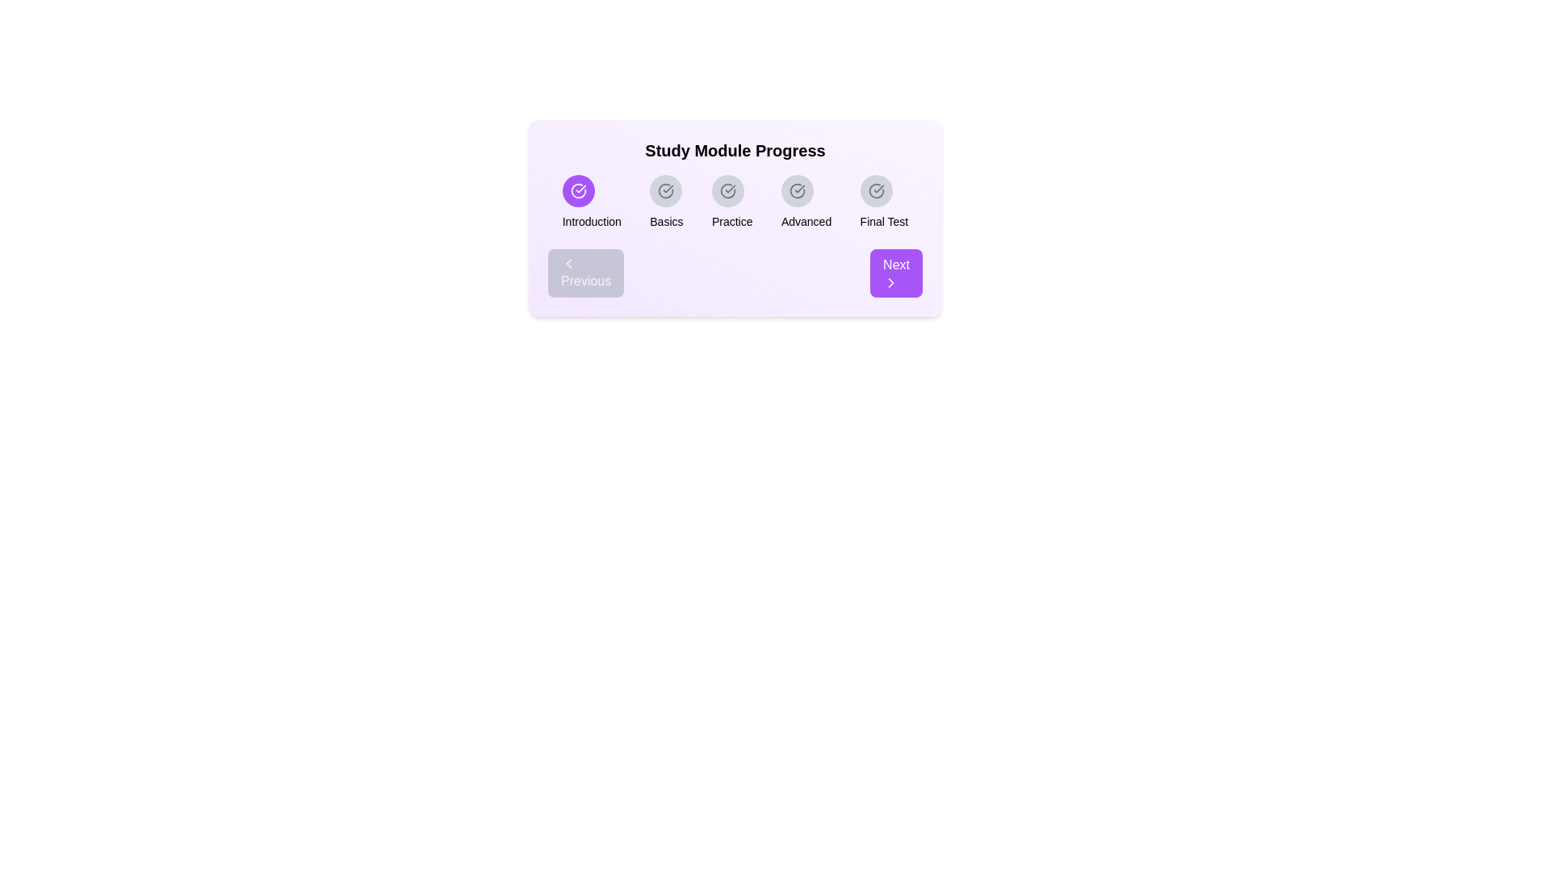 The image size is (1550, 871). What do you see at coordinates (727, 190) in the screenshot?
I see `the 'Practice' milestone icon in the progress tracker interface, which is the third circular icon in a row of five, visually indicating its current status` at bounding box center [727, 190].